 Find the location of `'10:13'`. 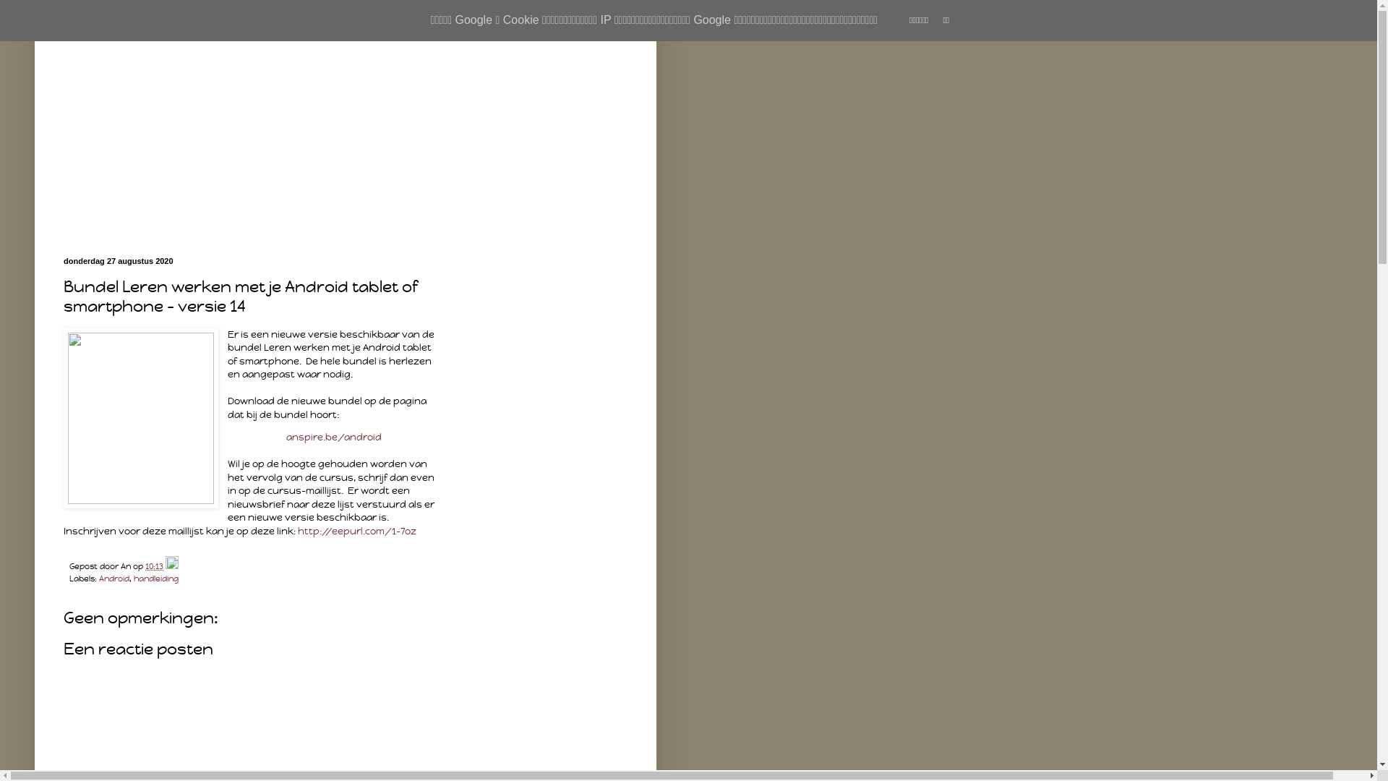

'10:13' is located at coordinates (154, 566).